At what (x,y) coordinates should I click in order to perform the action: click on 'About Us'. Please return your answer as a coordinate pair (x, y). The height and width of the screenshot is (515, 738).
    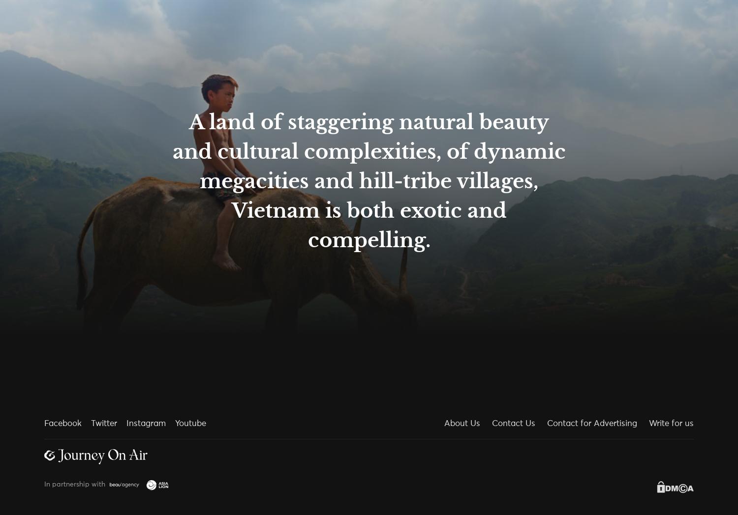
    Looking at the image, I should click on (461, 424).